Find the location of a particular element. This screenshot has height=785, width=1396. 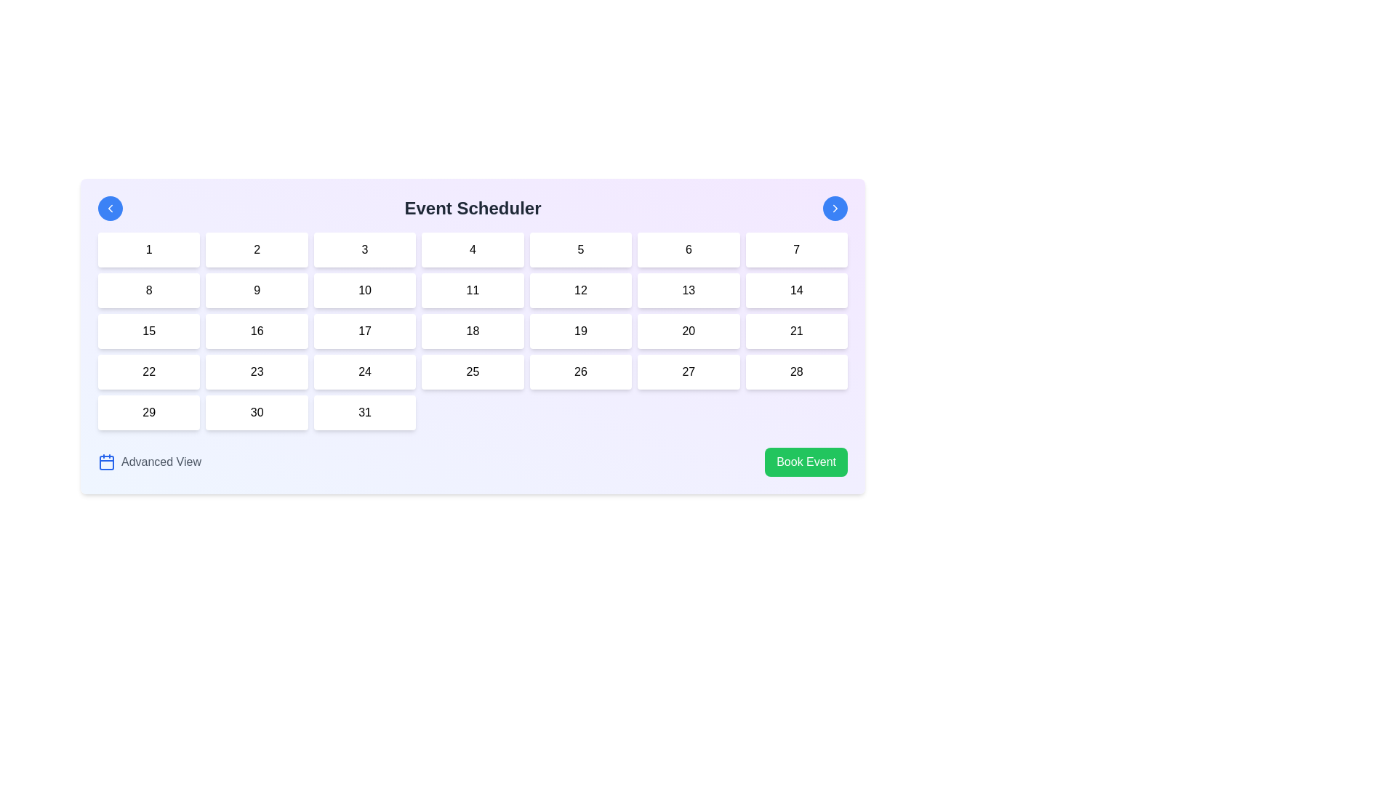

the rectangular button with a white background and the number '13' centered in bold text is located at coordinates (688, 291).